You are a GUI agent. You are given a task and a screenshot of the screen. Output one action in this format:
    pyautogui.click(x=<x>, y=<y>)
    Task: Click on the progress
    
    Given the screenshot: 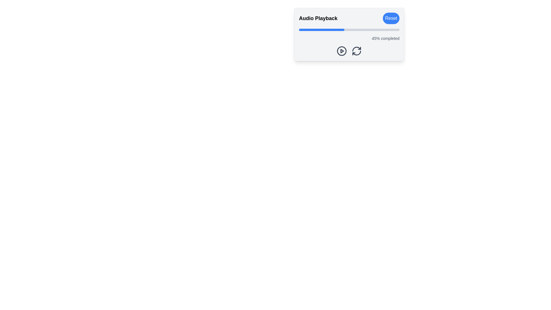 What is the action you would take?
    pyautogui.click(x=360, y=30)
    